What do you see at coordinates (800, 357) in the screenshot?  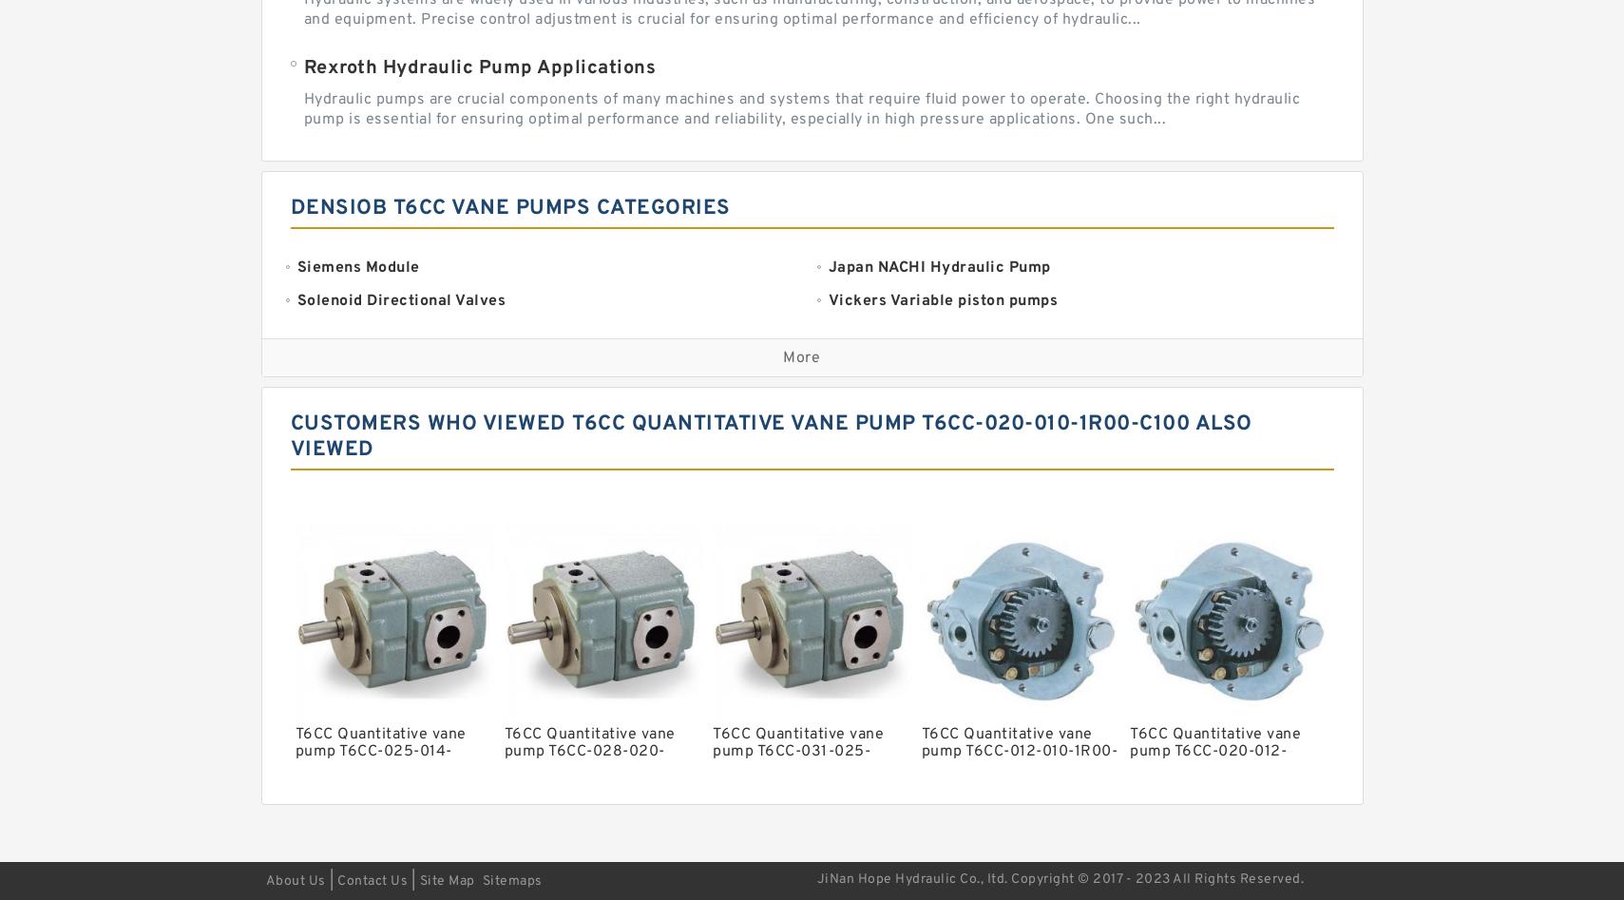 I see `'More'` at bounding box center [800, 357].